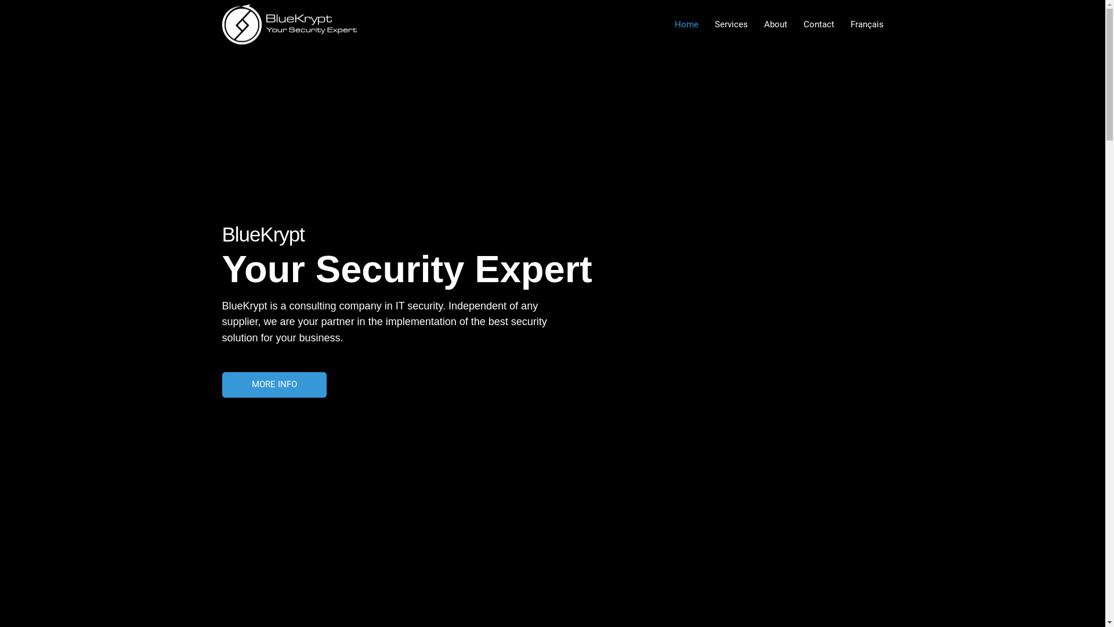 The height and width of the screenshot is (627, 1114). What do you see at coordinates (273, 384) in the screenshot?
I see `'MORE INFO'` at bounding box center [273, 384].